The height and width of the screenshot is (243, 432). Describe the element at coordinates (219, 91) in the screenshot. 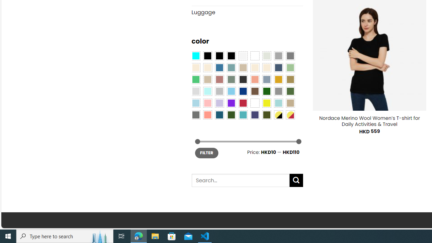

I see `'Silver'` at that location.